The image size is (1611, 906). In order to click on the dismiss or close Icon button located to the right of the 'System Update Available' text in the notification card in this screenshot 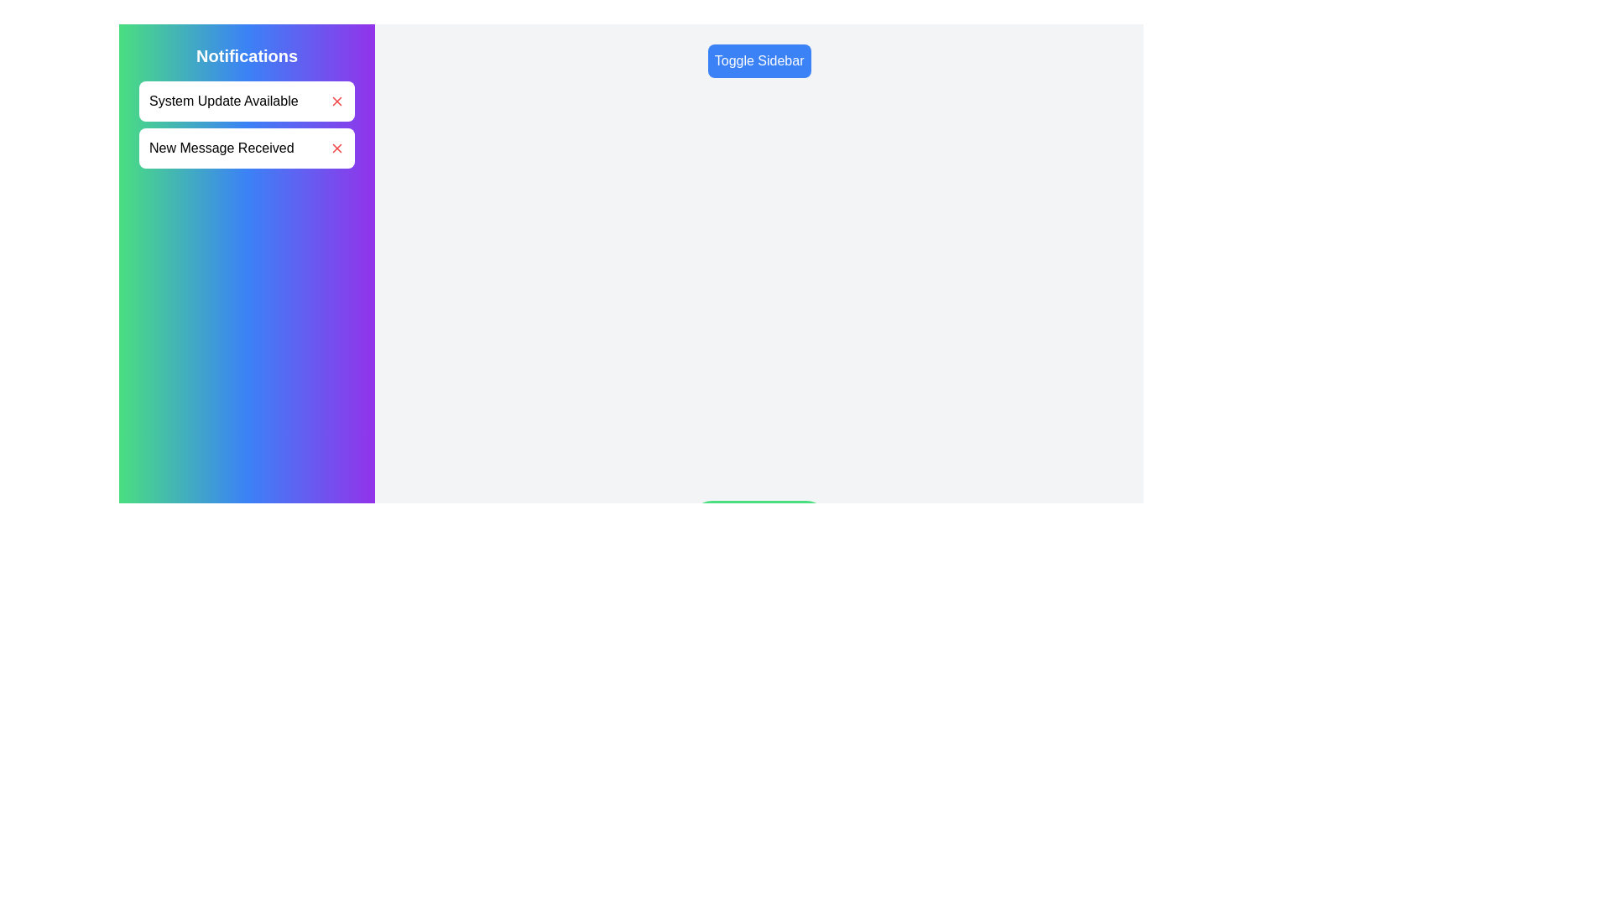, I will do `click(336, 101)`.